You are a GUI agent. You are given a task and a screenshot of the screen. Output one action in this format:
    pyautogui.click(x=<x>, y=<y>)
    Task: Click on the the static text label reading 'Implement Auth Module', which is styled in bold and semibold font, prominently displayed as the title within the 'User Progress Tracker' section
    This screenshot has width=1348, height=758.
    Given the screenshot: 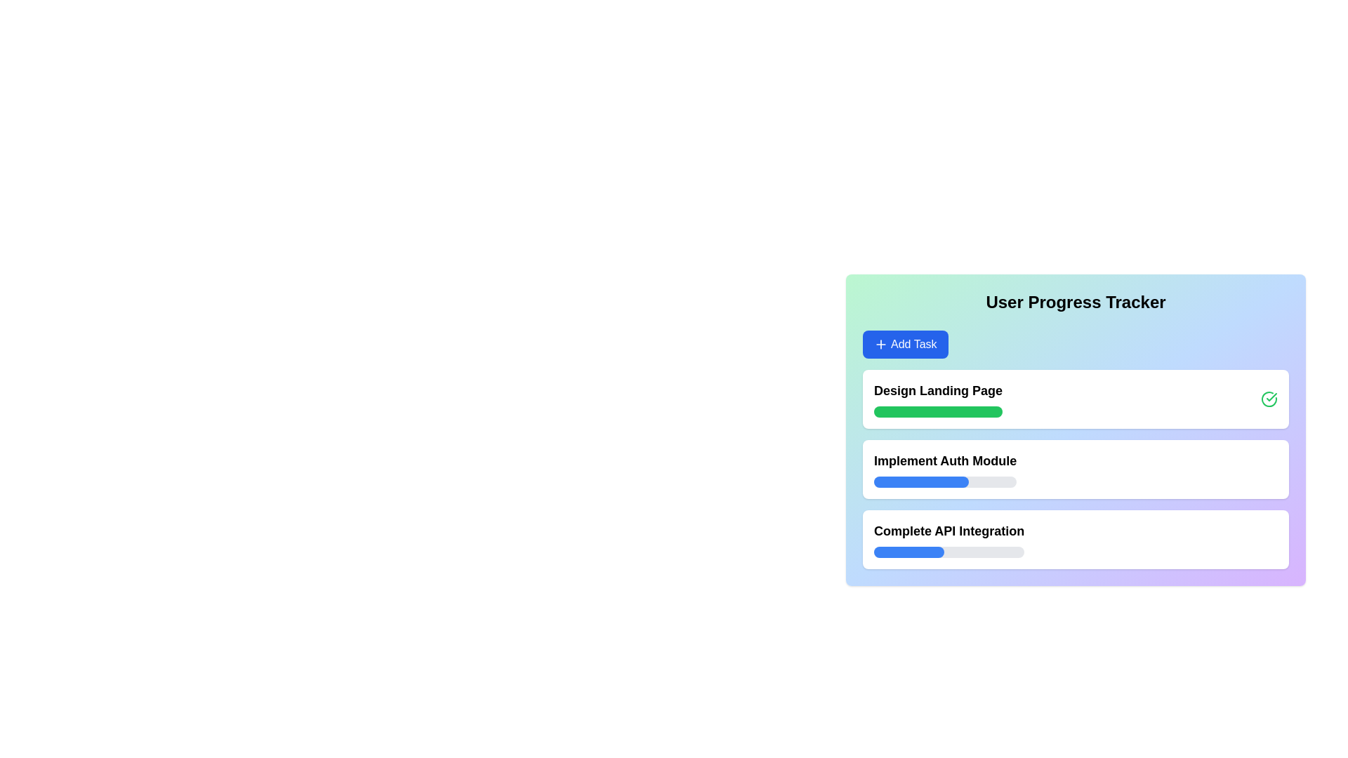 What is the action you would take?
    pyautogui.click(x=945, y=460)
    